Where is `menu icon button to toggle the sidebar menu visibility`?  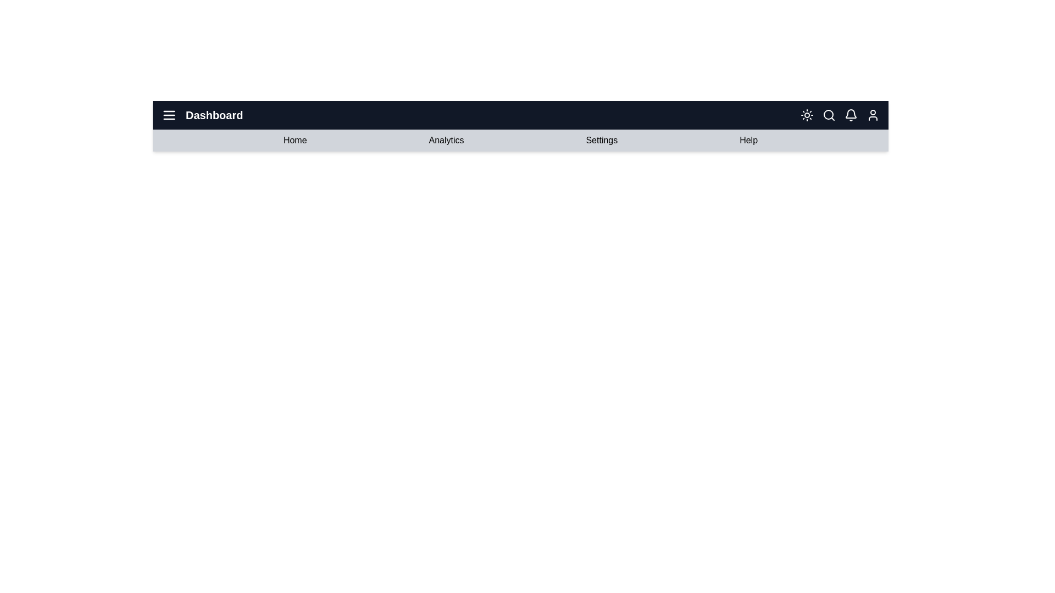 menu icon button to toggle the sidebar menu visibility is located at coordinates (168, 115).